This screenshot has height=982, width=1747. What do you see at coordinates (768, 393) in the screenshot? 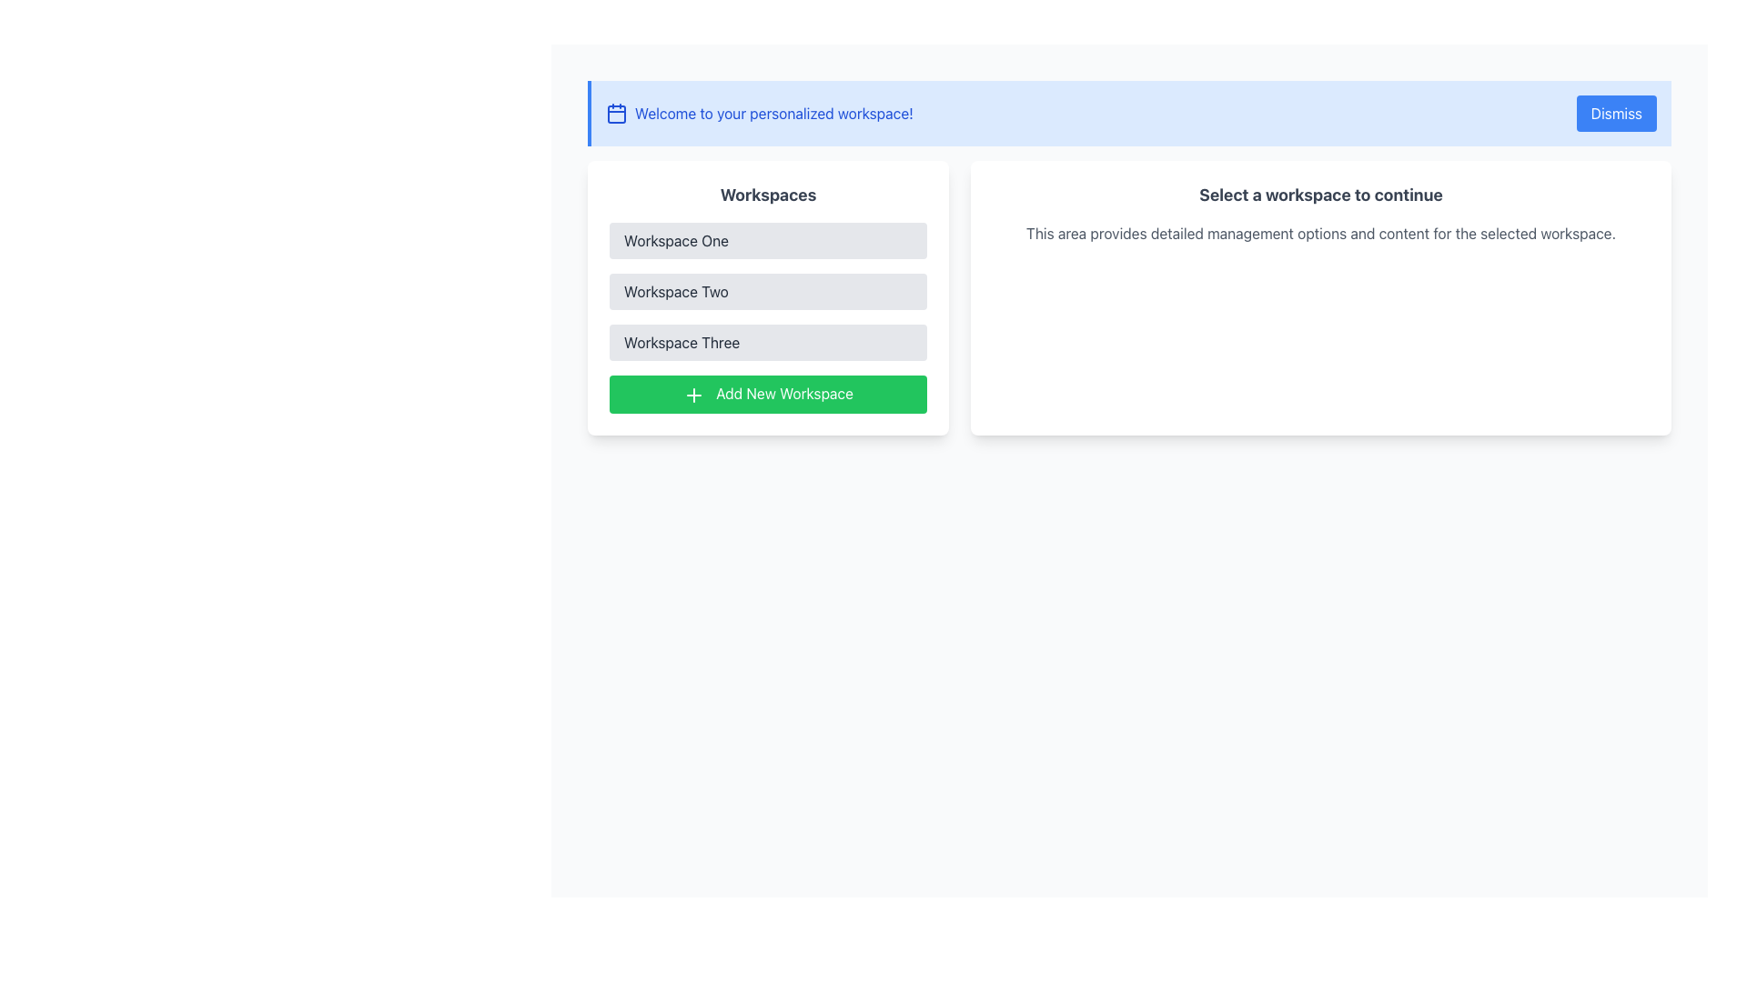
I see `the green button labeled 'Add New Workspace' located at the bottom of the 'Workspaces' card for accessibility purposes` at bounding box center [768, 393].